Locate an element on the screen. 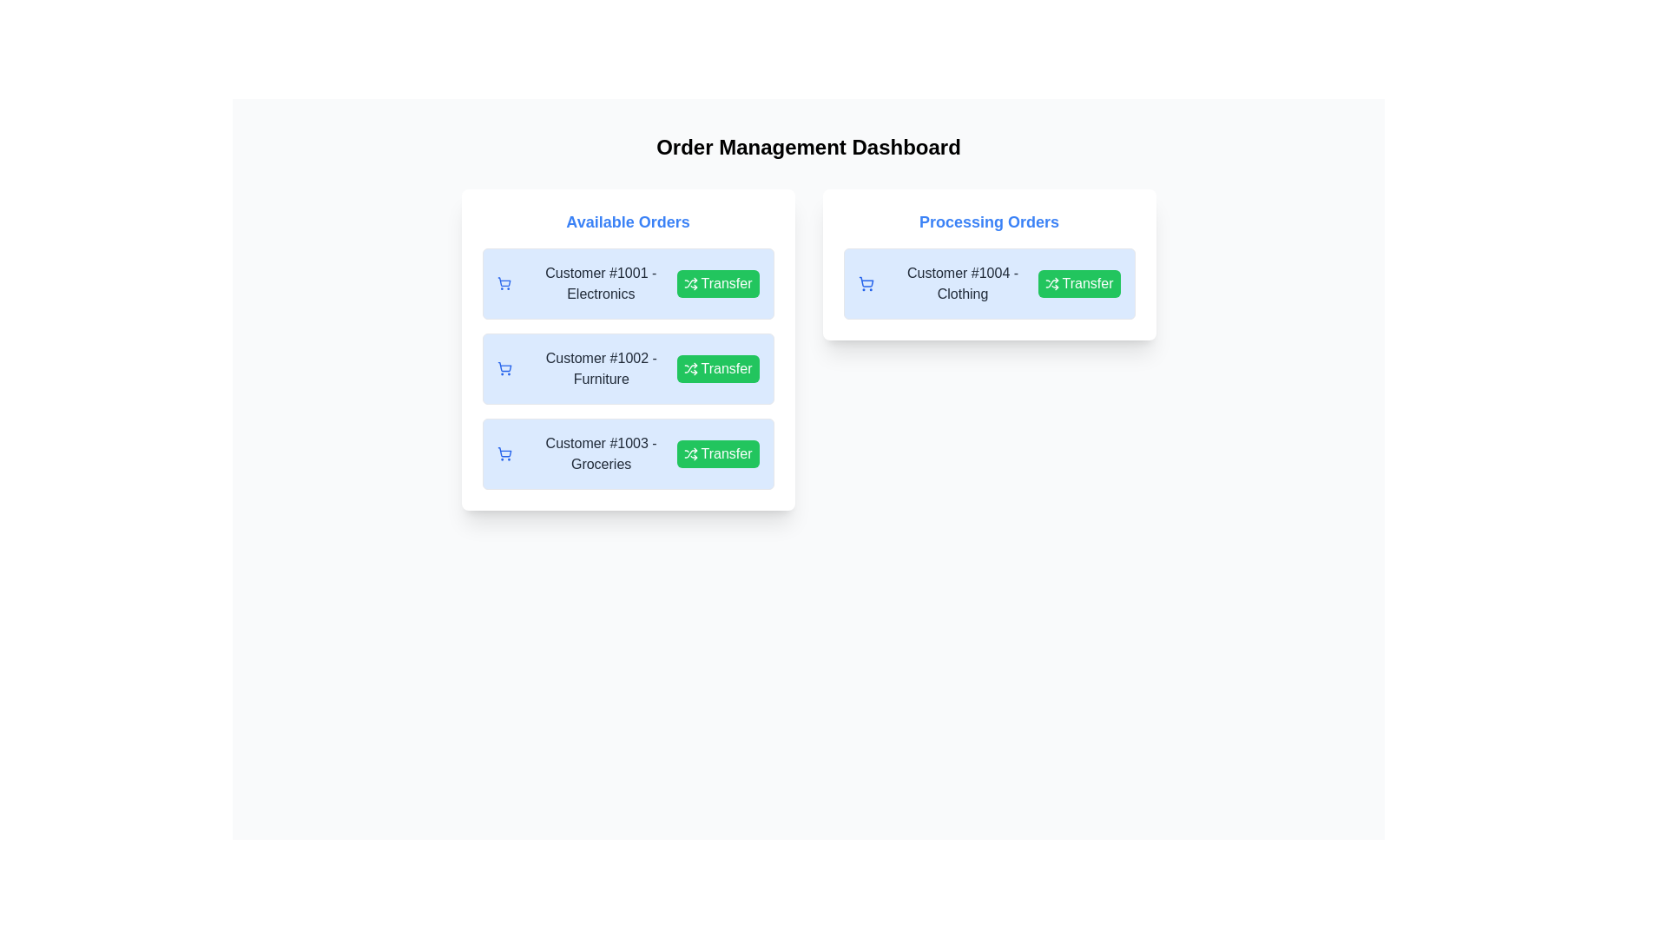 The height and width of the screenshot is (938, 1667). the SVG icon representing crossed arrows within the green 'Transfer' button for the 'Customer #1003 - Groceries' order in the list of 'Available Orders' is located at coordinates (689, 453).